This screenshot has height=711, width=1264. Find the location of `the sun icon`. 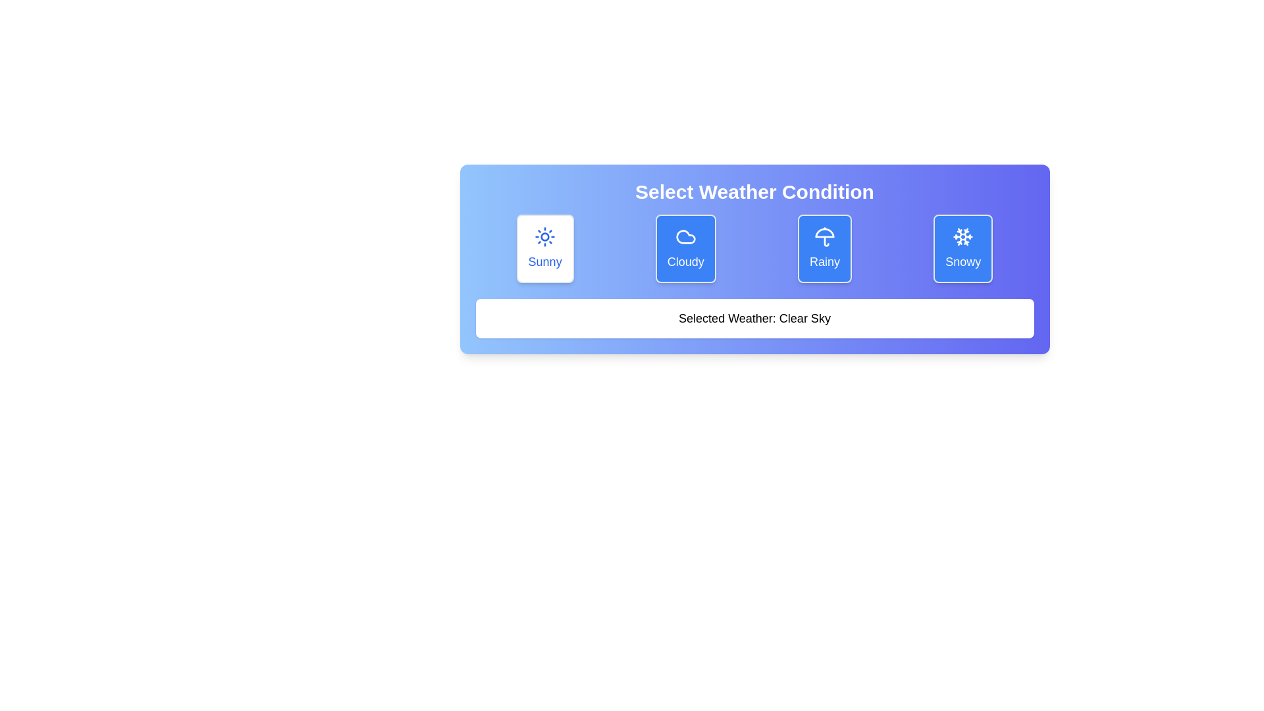

the sun icon is located at coordinates (545, 236).